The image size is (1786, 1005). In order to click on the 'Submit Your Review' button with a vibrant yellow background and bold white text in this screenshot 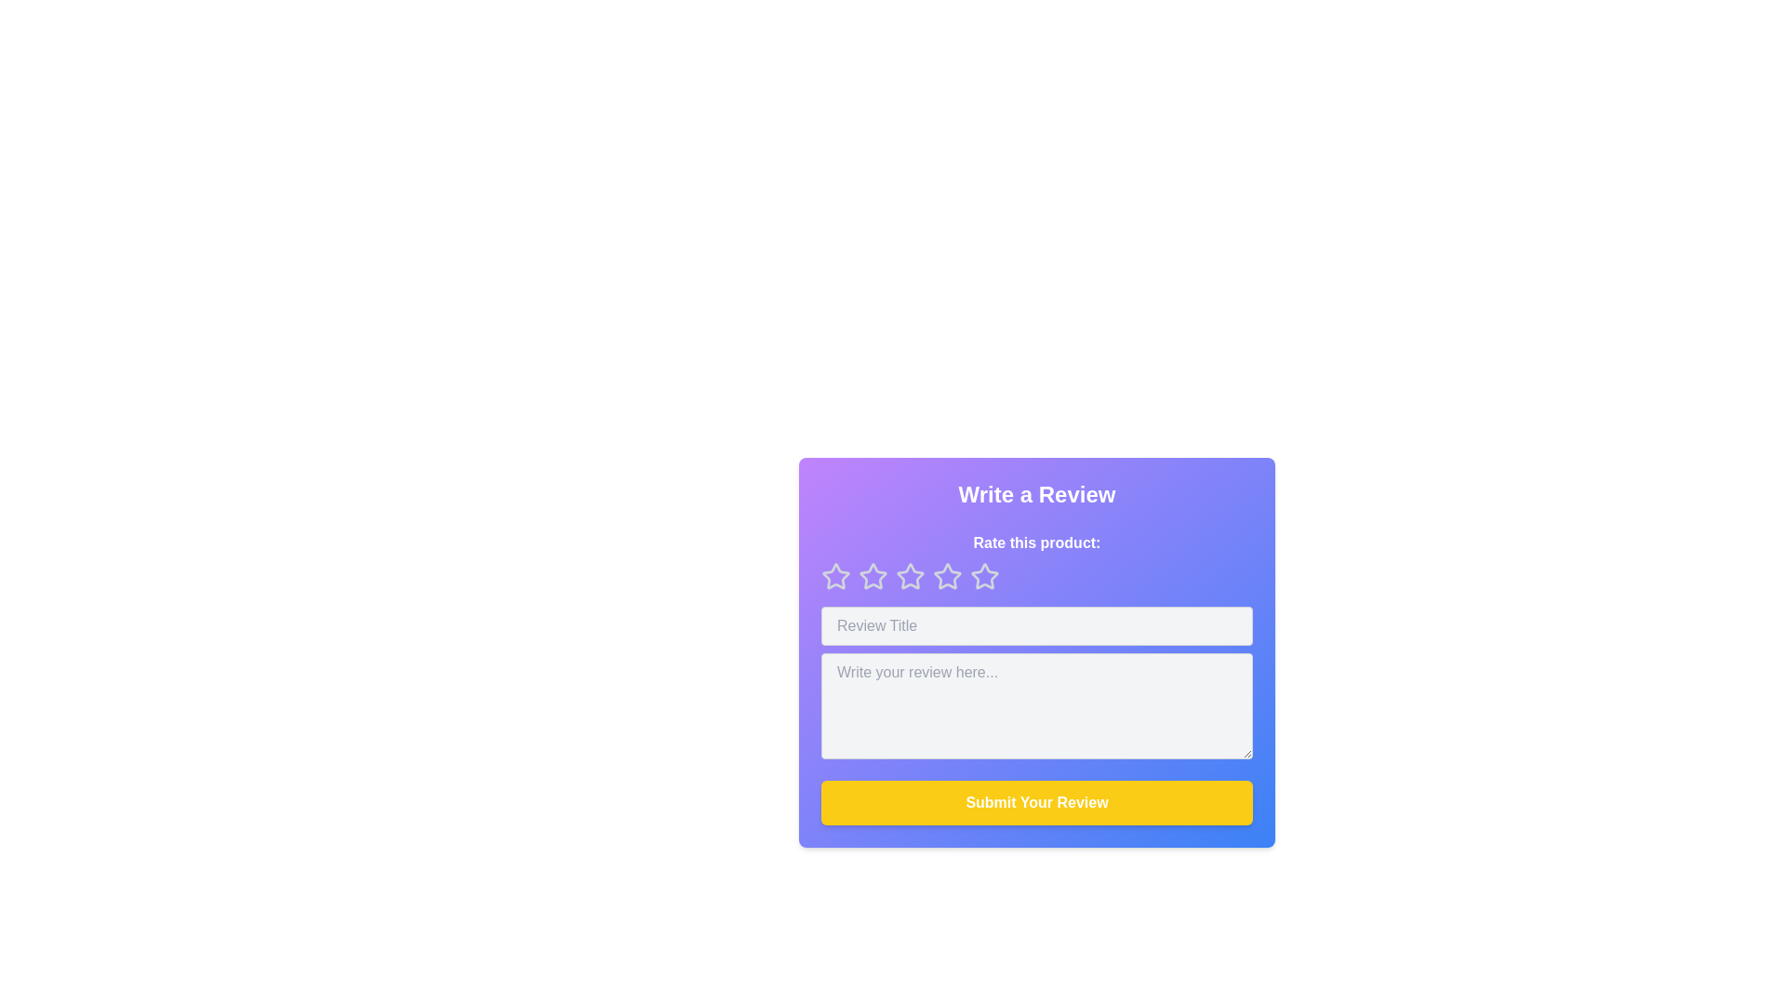, I will do `click(1035, 802)`.